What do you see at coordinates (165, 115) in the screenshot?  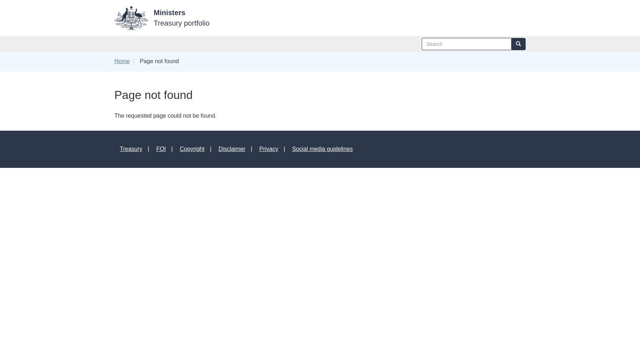 I see `'The requested page could not be found.'` at bounding box center [165, 115].